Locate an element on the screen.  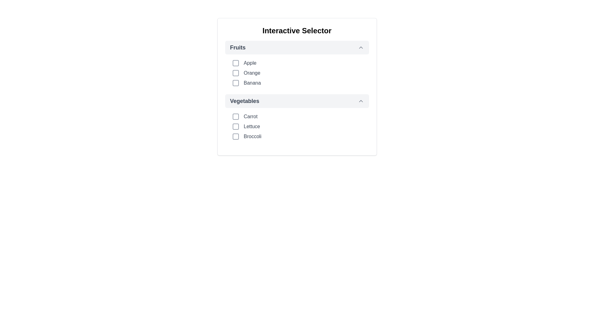
the first checkbox under the 'Vegetables' section is located at coordinates (301, 116).